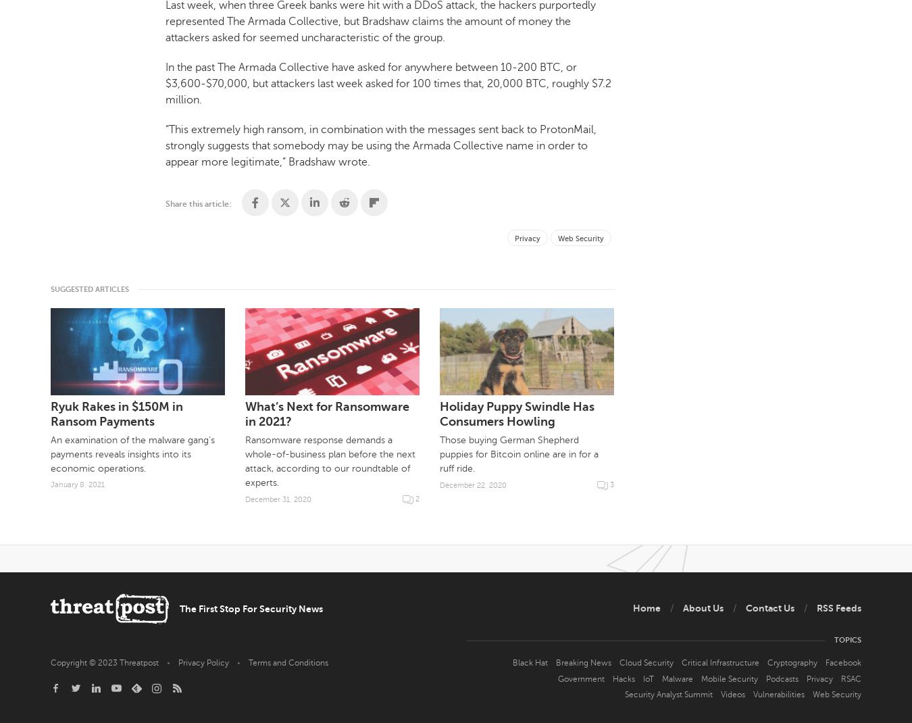  I want to click on 'Cloud Security', so click(646, 662).